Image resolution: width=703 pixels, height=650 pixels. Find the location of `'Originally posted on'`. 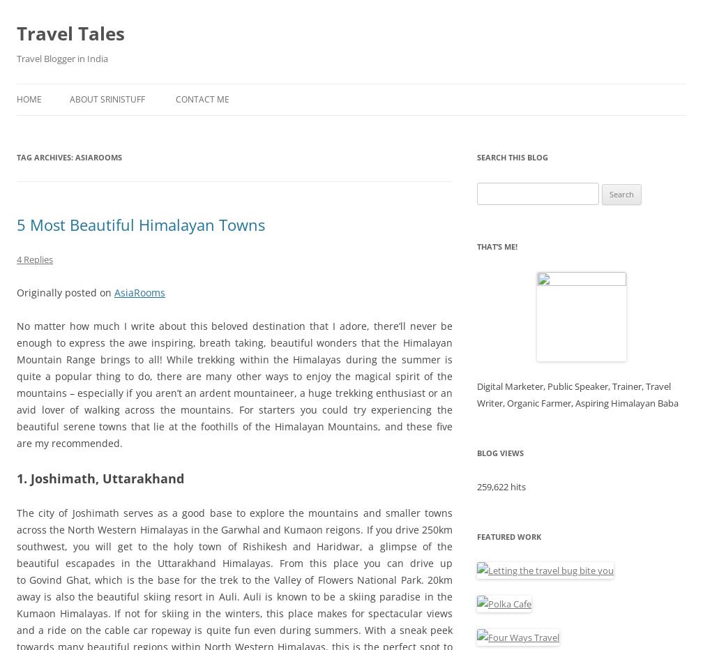

'Originally posted on' is located at coordinates (66, 292).